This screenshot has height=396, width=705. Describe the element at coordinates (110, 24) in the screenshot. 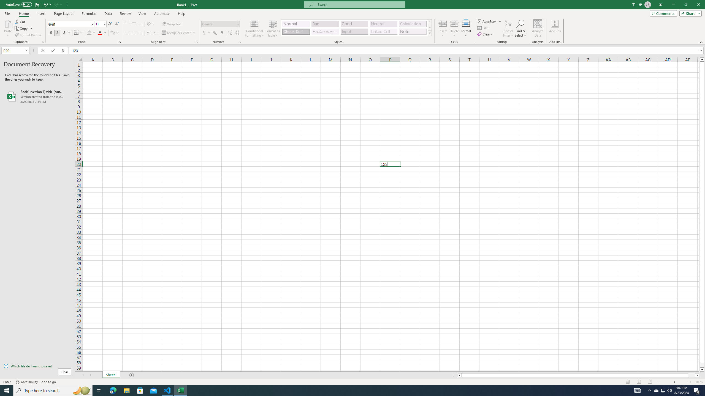

I see `'Increase Font Size'` at that location.